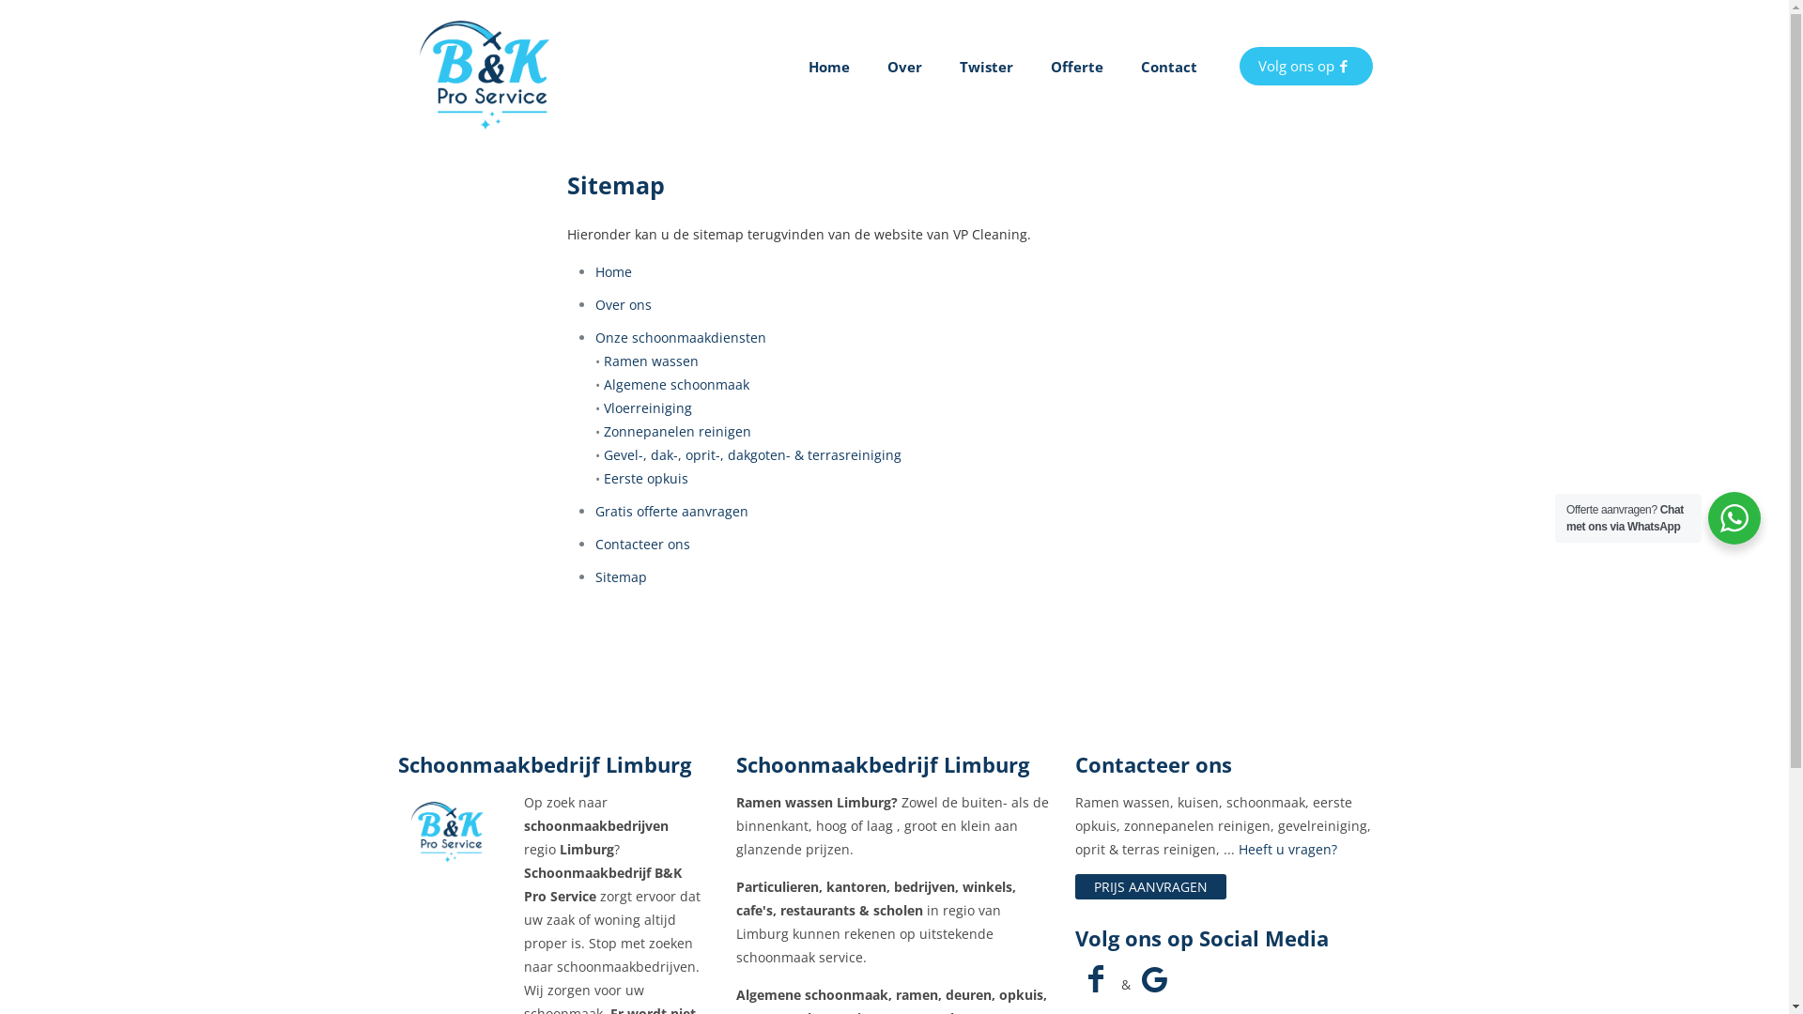 The height and width of the screenshot is (1014, 1803). What do you see at coordinates (604, 477) in the screenshot?
I see `'Eerste opkuis'` at bounding box center [604, 477].